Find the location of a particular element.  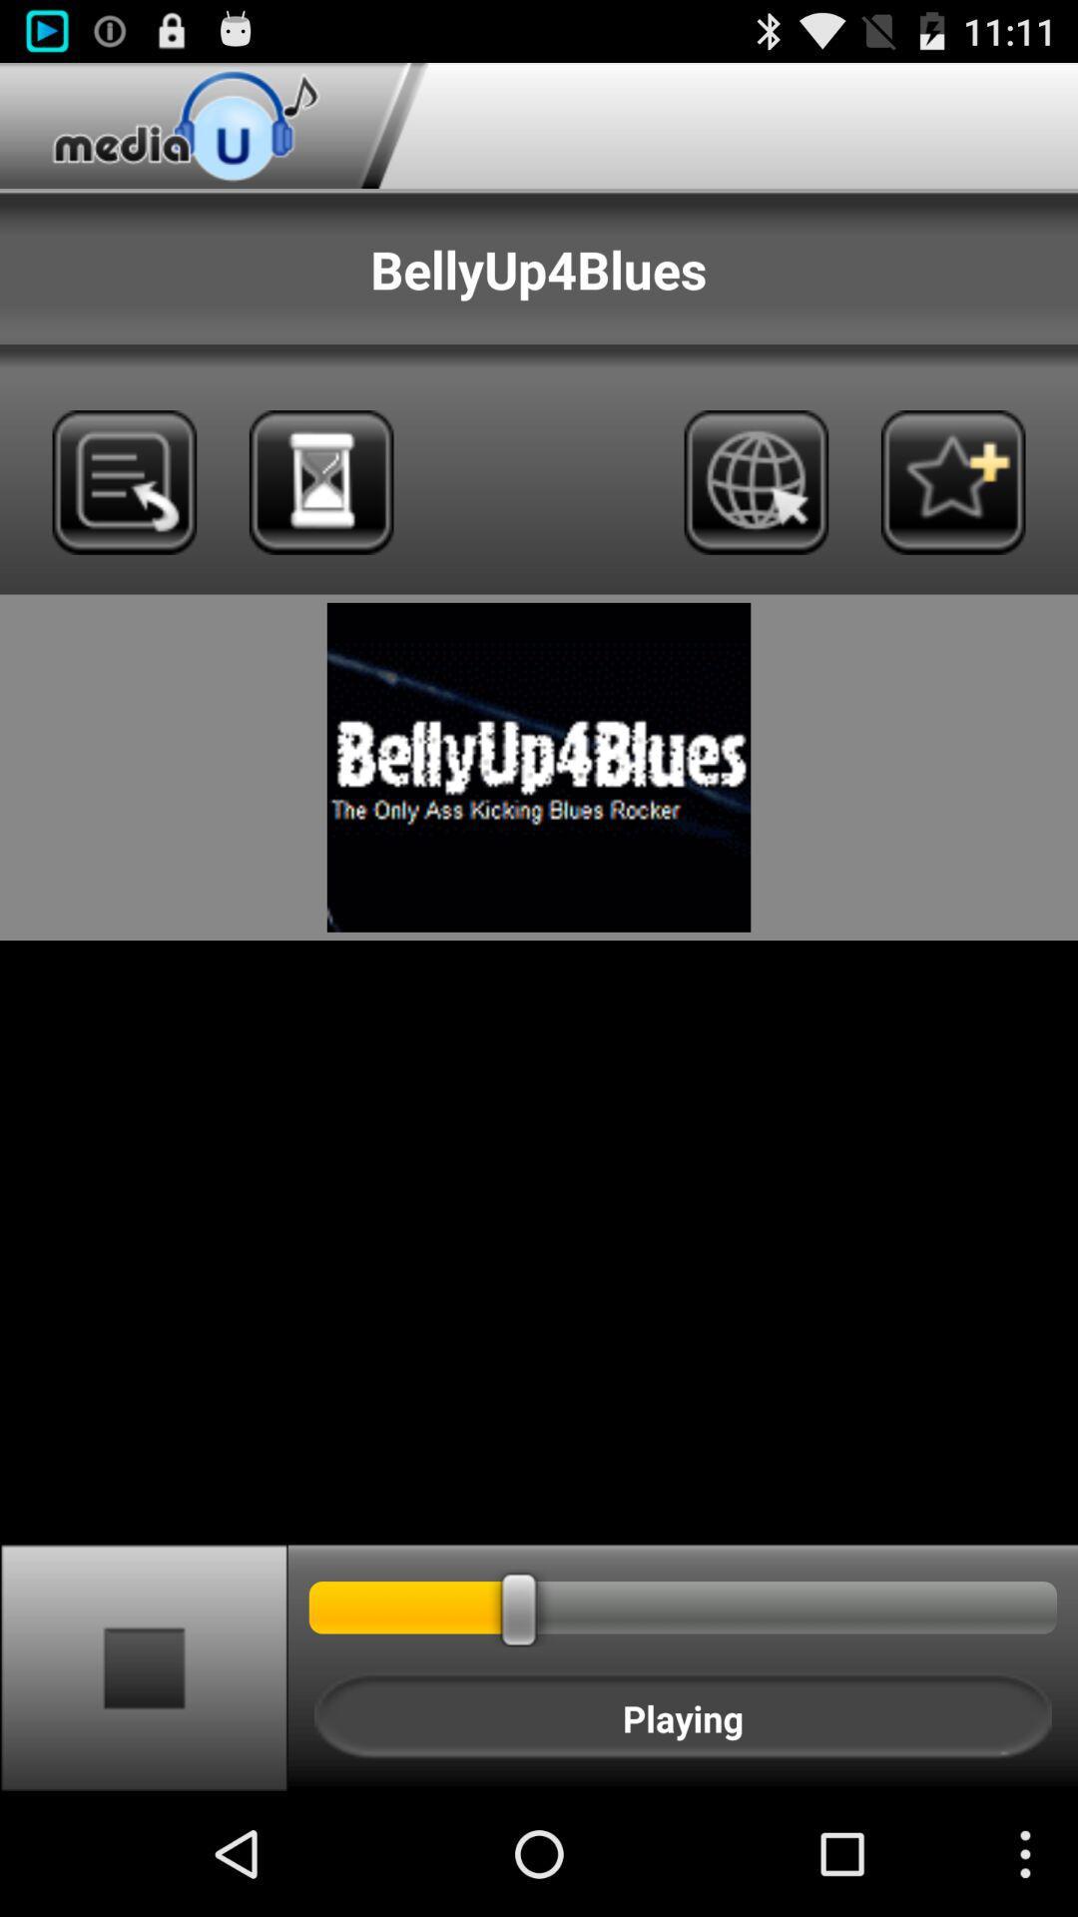

to favorites is located at coordinates (952, 482).